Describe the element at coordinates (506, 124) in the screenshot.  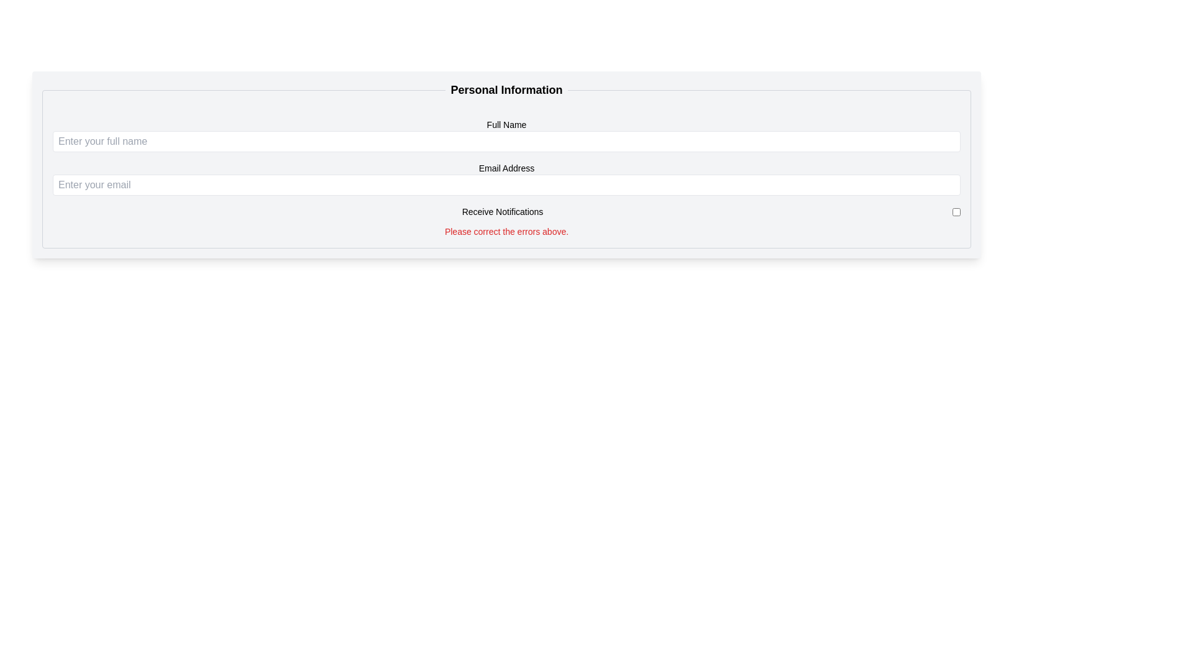
I see `the text label displaying 'Full Name', which is positioned above the input field for entering the user's full name` at that location.